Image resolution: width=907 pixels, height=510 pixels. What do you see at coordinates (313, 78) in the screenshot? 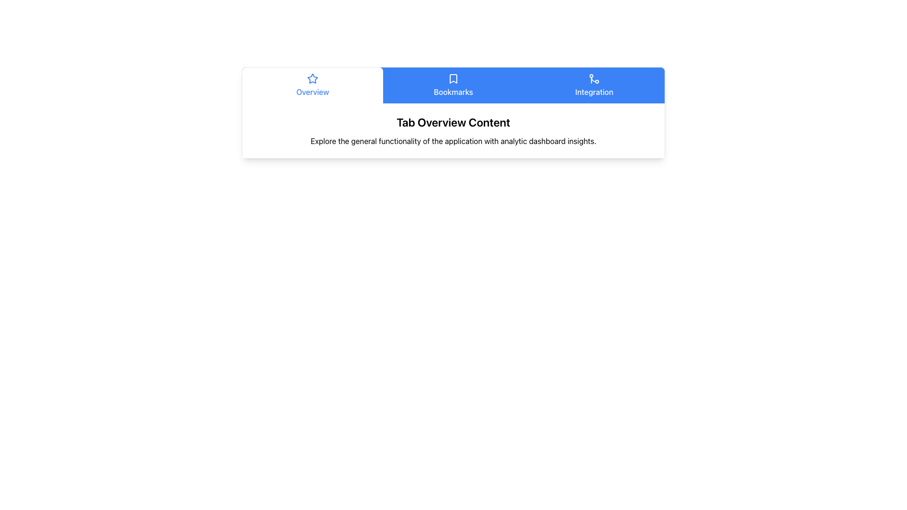
I see `the stylized star icon with a hollow center, blue border, and white fill located above the text labeled 'Overview' in the tab navigation bar` at bounding box center [313, 78].